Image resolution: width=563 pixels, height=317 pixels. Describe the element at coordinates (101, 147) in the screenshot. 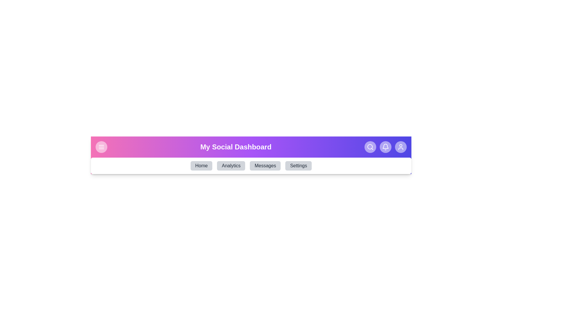

I see `the menu button to toggle the menu visibility` at that location.